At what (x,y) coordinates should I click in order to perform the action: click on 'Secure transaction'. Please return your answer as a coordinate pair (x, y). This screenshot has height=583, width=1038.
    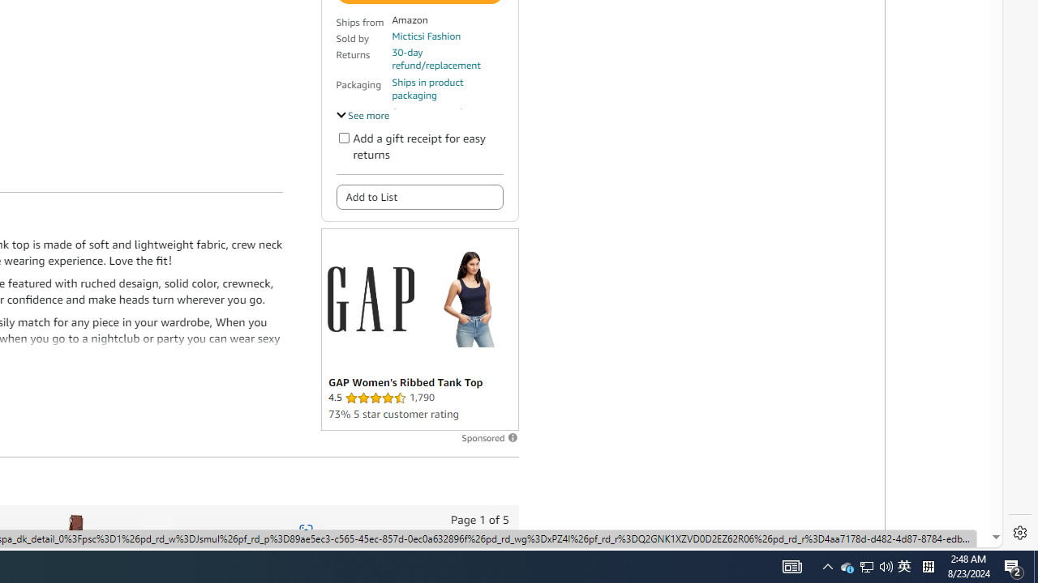
    Looking at the image, I should click on (432, 111).